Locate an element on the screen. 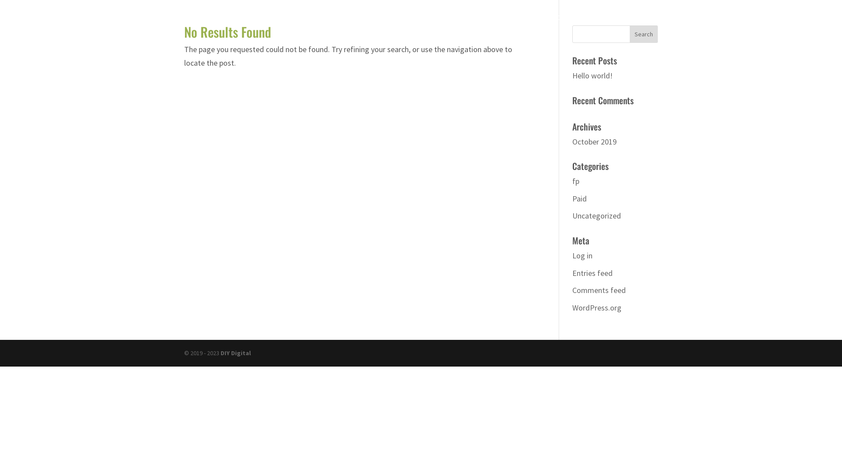 Image resolution: width=842 pixels, height=473 pixels. 'Uncategorized' is located at coordinates (596, 215).